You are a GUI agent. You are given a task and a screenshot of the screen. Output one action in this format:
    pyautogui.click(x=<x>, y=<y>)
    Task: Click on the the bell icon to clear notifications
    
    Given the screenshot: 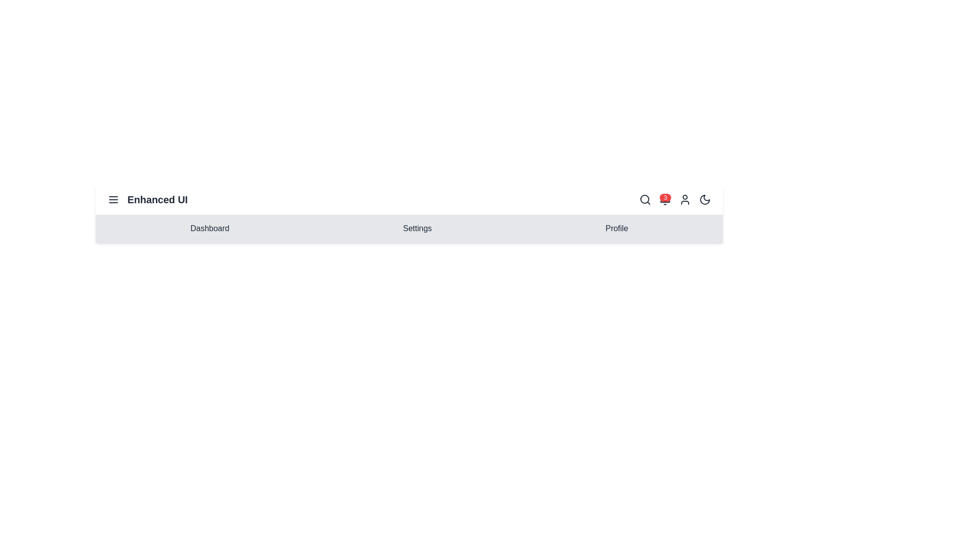 What is the action you would take?
    pyautogui.click(x=665, y=200)
    